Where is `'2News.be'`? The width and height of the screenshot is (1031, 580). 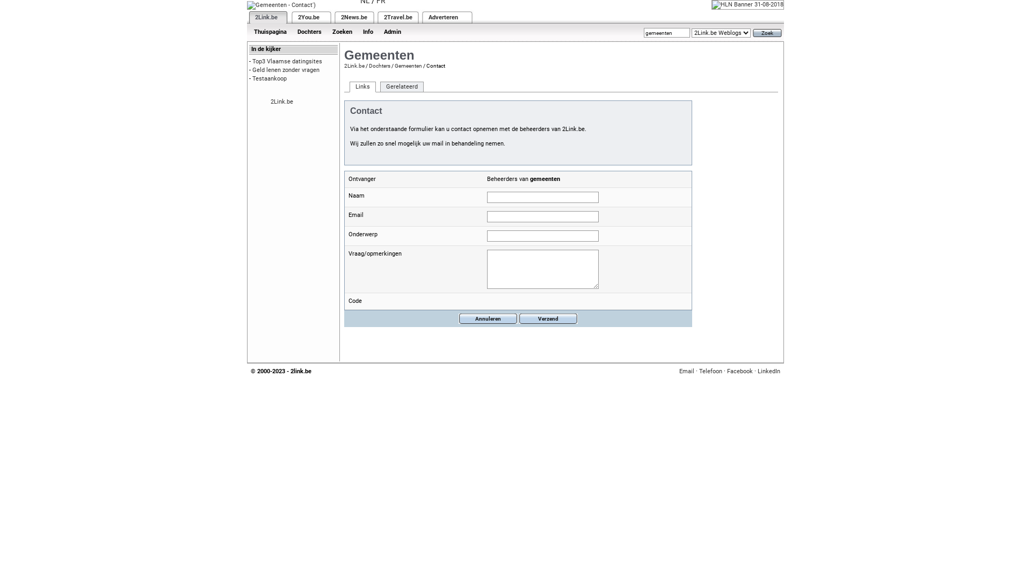
'2News.be' is located at coordinates (354, 17).